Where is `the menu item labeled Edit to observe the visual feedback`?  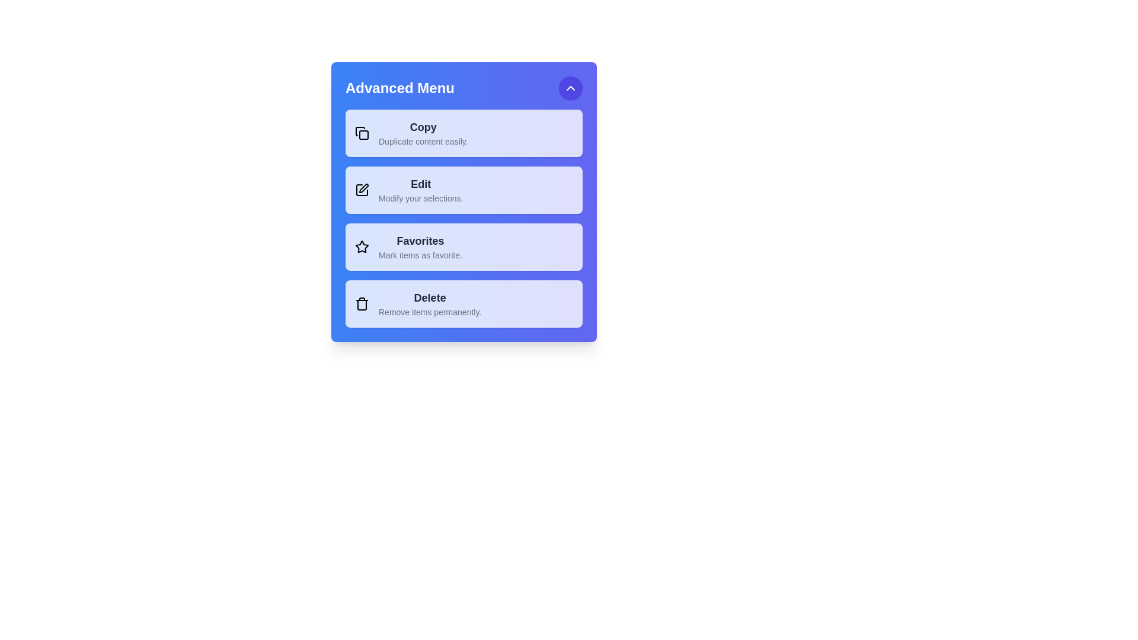 the menu item labeled Edit to observe the visual feedback is located at coordinates (463, 189).